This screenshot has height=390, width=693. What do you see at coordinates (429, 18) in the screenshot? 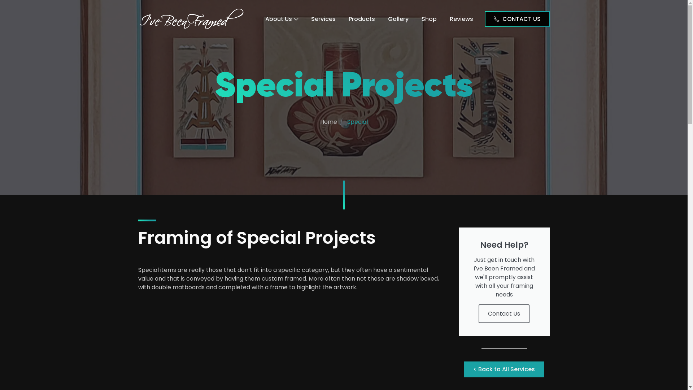
I see `'Shop'` at bounding box center [429, 18].